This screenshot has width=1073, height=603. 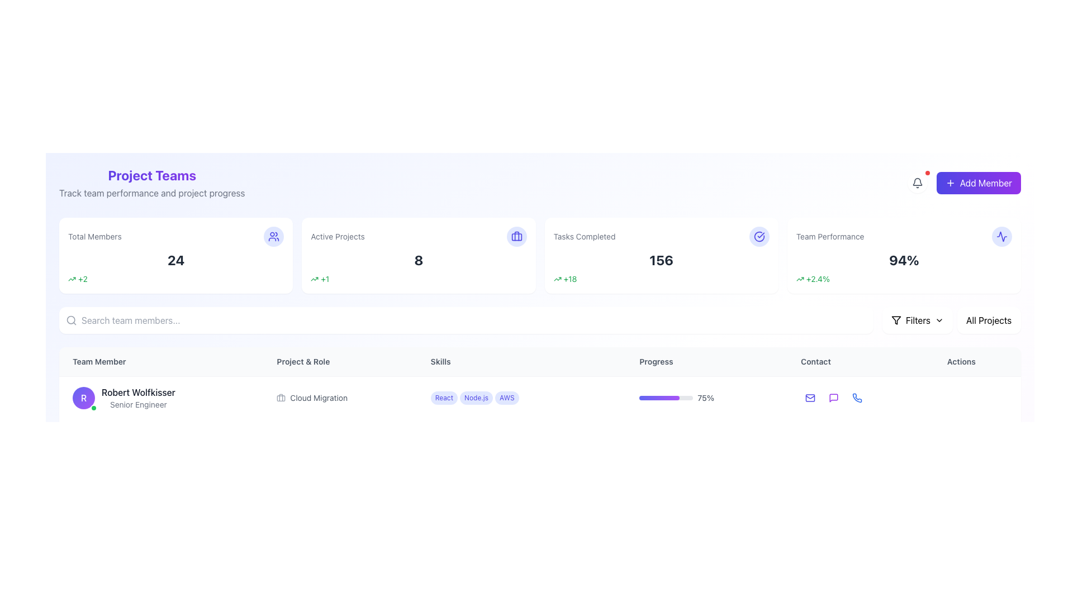 What do you see at coordinates (70, 320) in the screenshot?
I see `the circular search icon located at the left edge of the search bar, which resembles a magnifying glass` at bounding box center [70, 320].